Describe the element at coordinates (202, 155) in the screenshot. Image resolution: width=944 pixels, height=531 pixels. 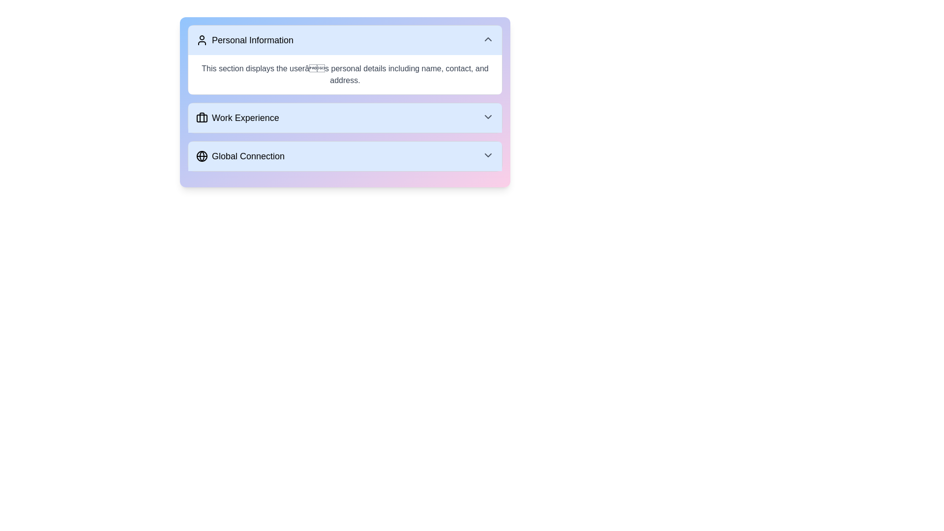
I see `globe icon located in the 'Global Connection' section using development tools` at that location.